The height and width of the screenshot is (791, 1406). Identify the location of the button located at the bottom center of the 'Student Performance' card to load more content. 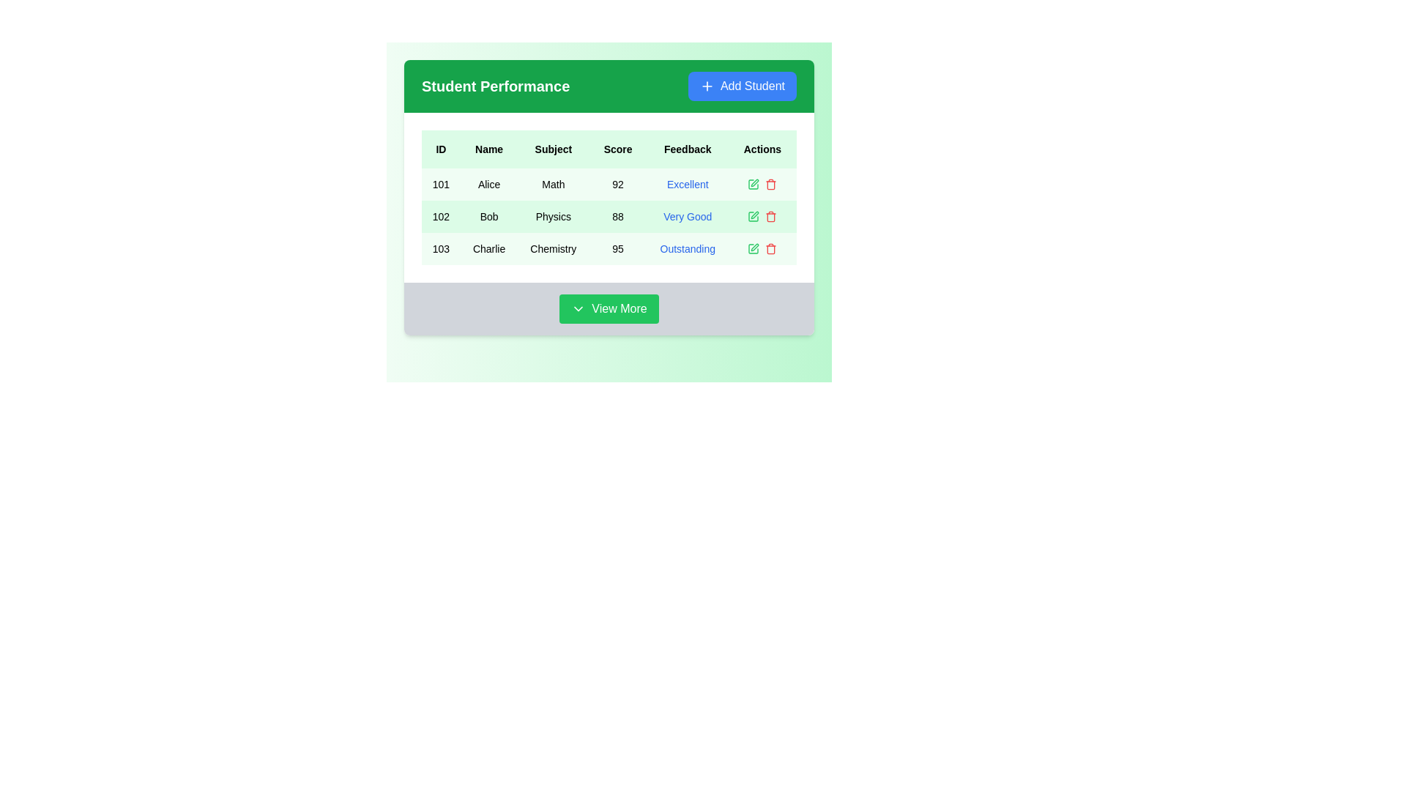
(609, 308).